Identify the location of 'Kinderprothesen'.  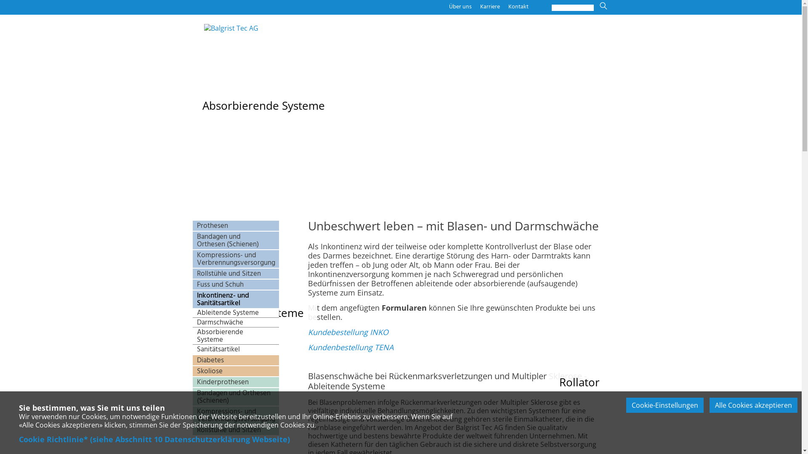
(192, 382).